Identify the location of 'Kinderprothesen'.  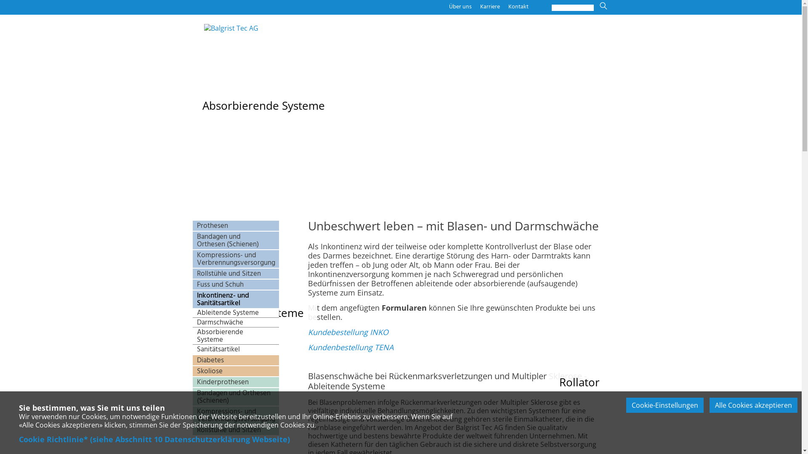
(192, 382).